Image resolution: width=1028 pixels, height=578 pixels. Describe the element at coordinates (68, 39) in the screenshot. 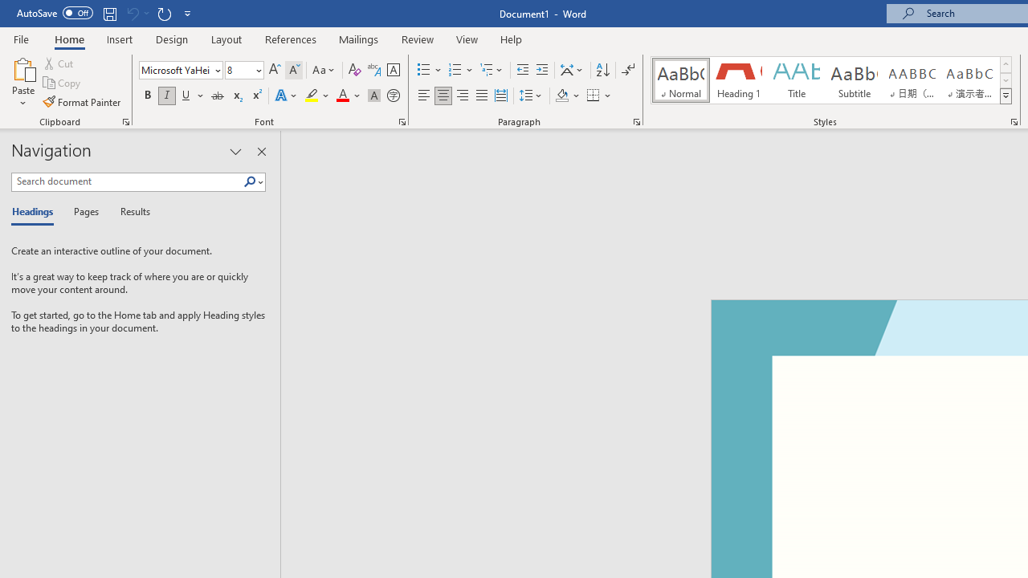

I see `'Home'` at that location.